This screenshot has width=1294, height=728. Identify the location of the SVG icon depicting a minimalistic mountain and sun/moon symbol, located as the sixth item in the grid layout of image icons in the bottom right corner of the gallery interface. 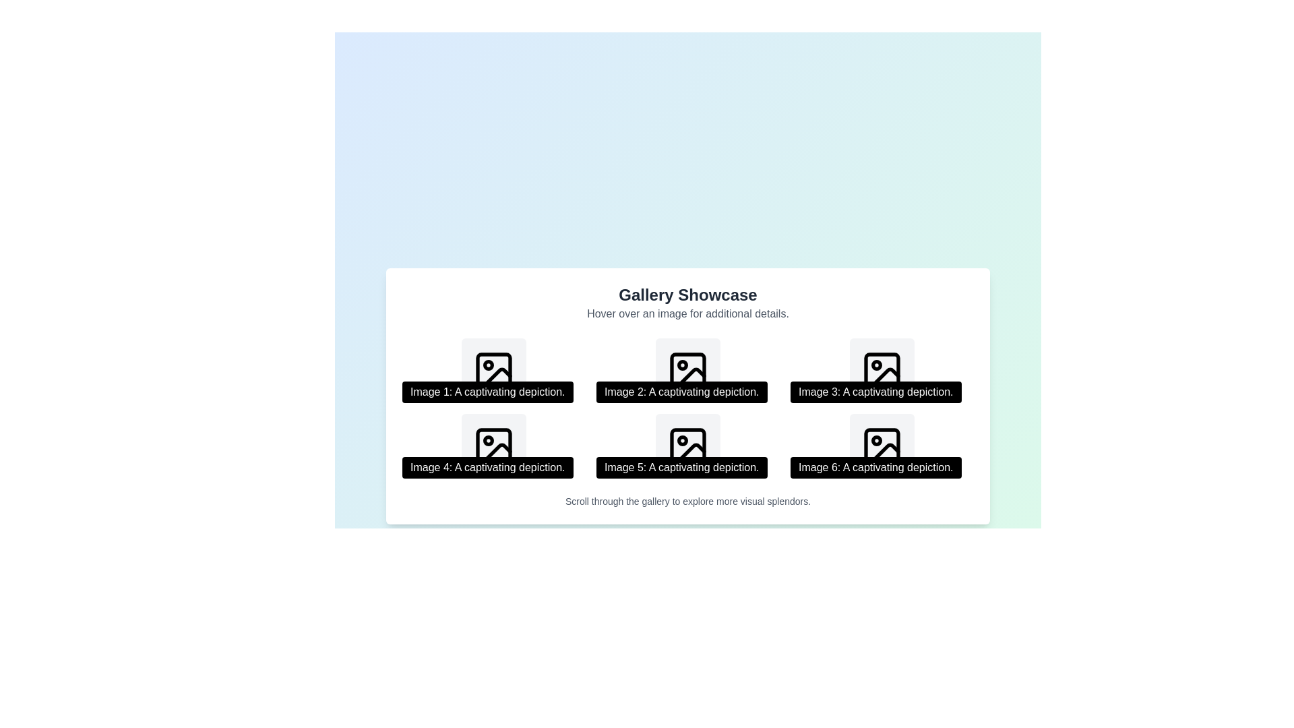
(882, 446).